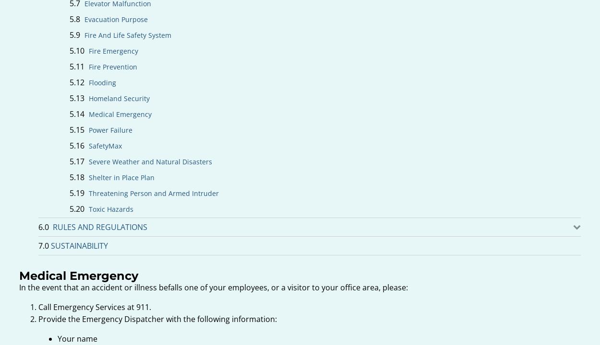 Image resolution: width=600 pixels, height=345 pixels. What do you see at coordinates (77, 338) in the screenshot?
I see `'Your name'` at bounding box center [77, 338].